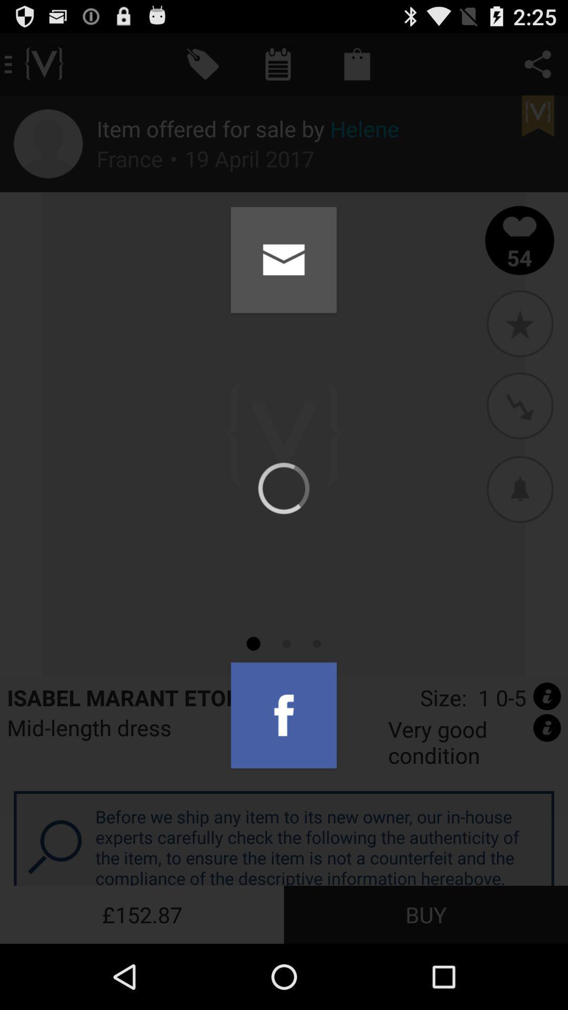 The width and height of the screenshot is (568, 1010). What do you see at coordinates (519, 488) in the screenshot?
I see `app above size 1 0 app` at bounding box center [519, 488].